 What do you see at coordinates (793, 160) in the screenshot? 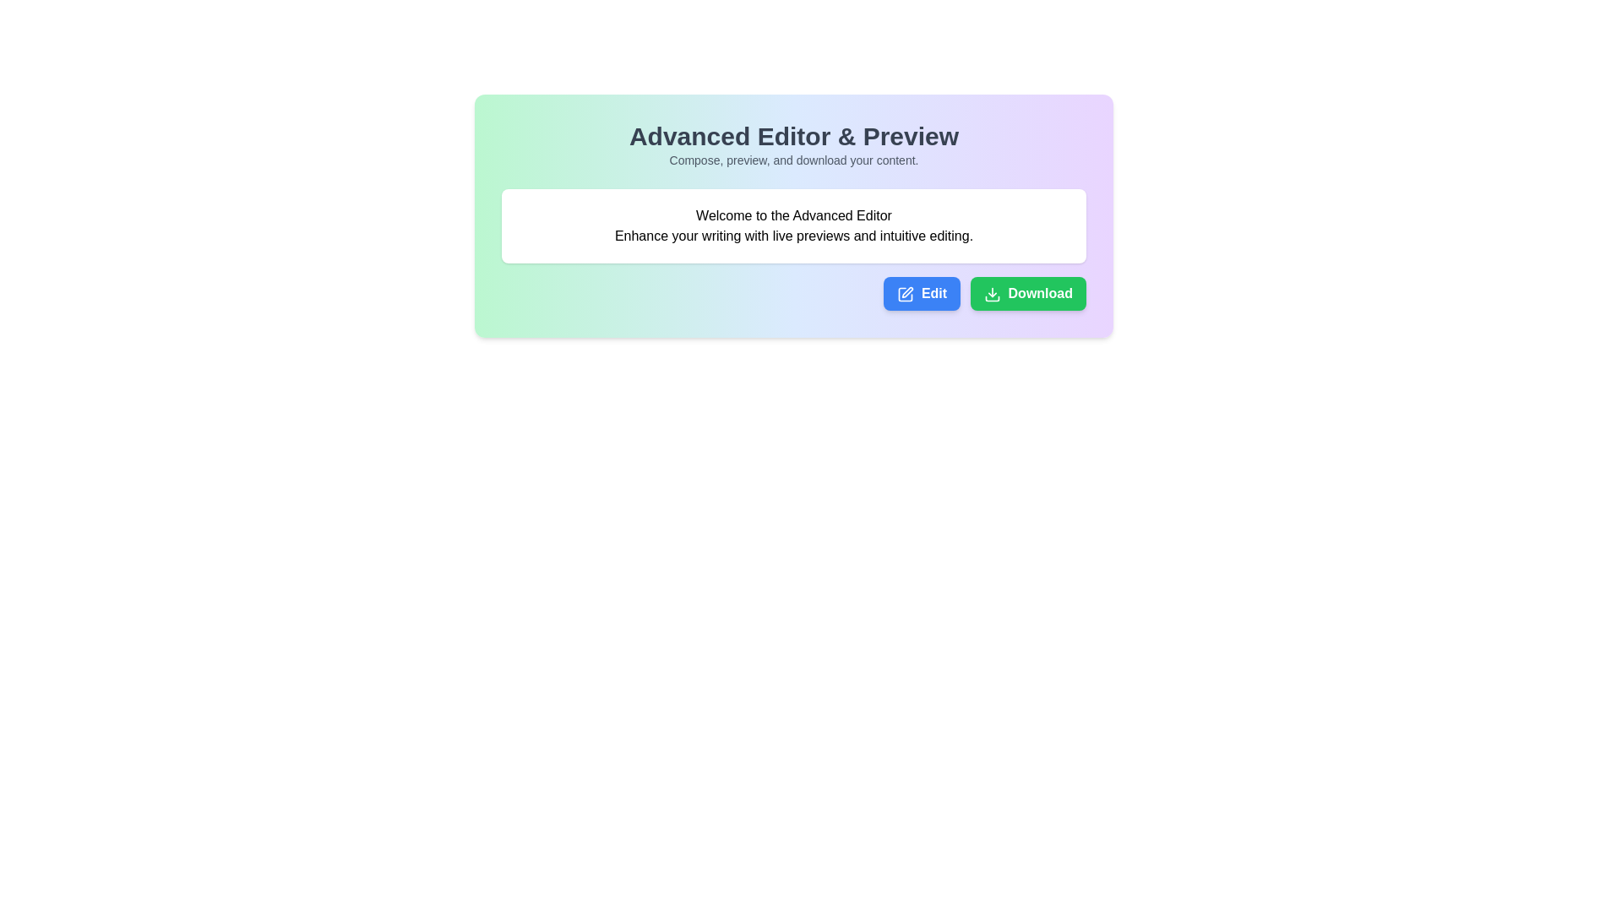
I see `the informative subtitle directly below the 'Advanced Editor & Preview' title, which serves as a description of the editor interface` at bounding box center [793, 160].